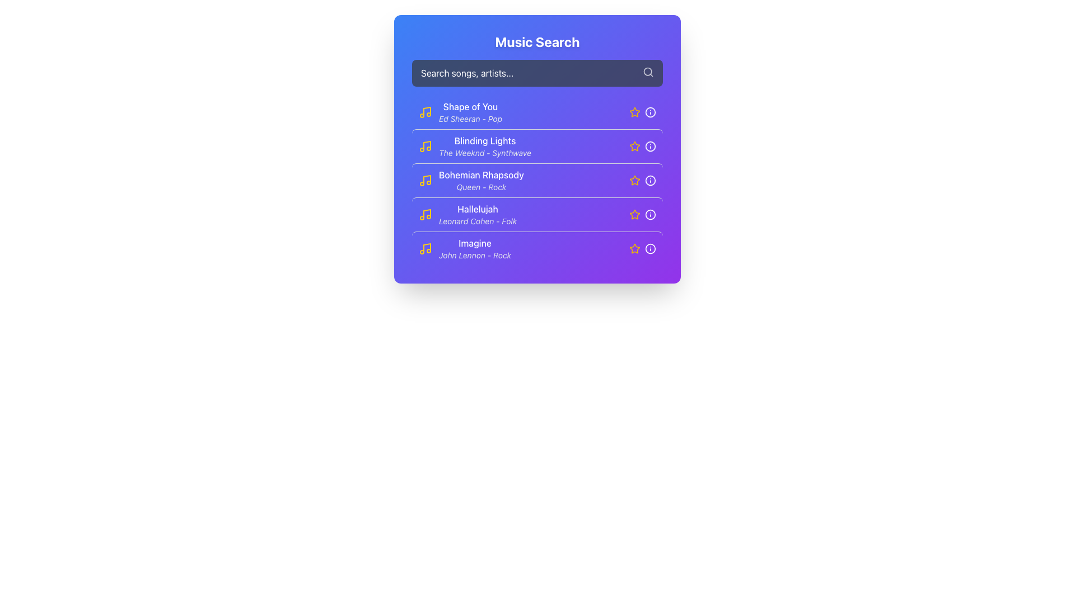 This screenshot has height=604, width=1075. What do you see at coordinates (478, 215) in the screenshot?
I see `the fourth song list item titled 'Hallelujah' by Leonard Cohen` at bounding box center [478, 215].